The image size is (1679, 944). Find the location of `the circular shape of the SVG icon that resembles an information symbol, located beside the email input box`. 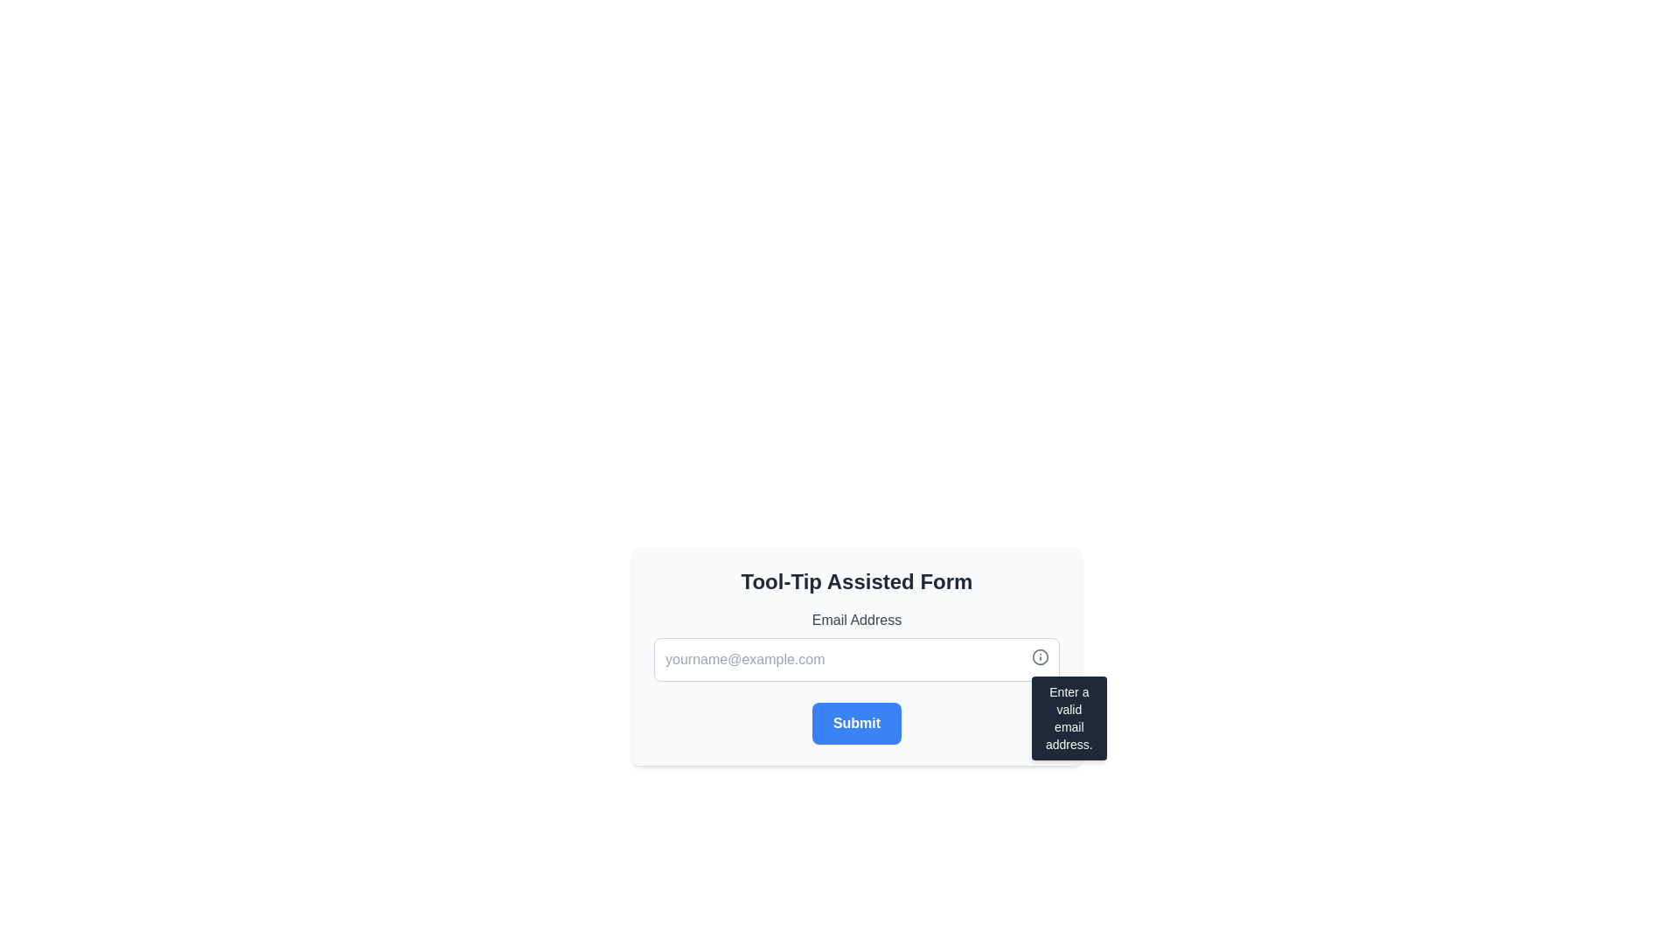

the circular shape of the SVG icon that resembles an information symbol, located beside the email input box is located at coordinates (1041, 657).